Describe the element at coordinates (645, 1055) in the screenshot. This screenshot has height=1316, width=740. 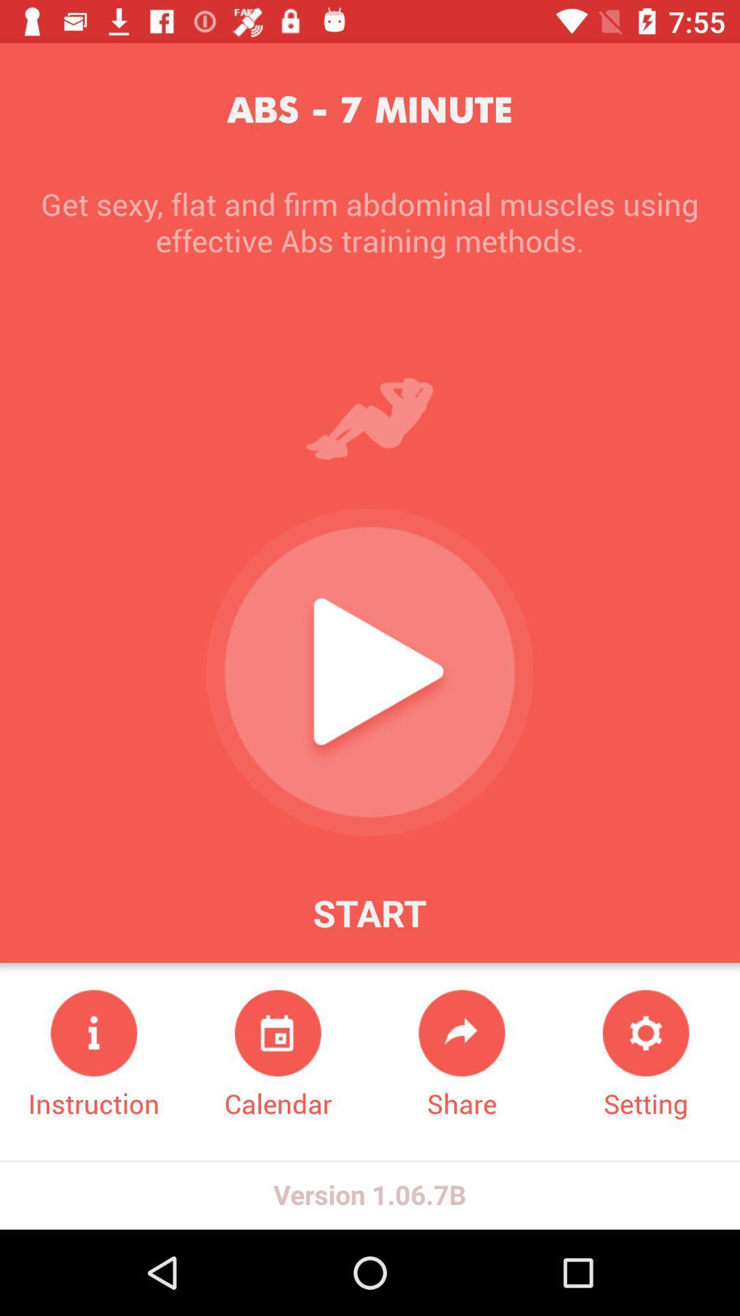
I see `the item next to share` at that location.